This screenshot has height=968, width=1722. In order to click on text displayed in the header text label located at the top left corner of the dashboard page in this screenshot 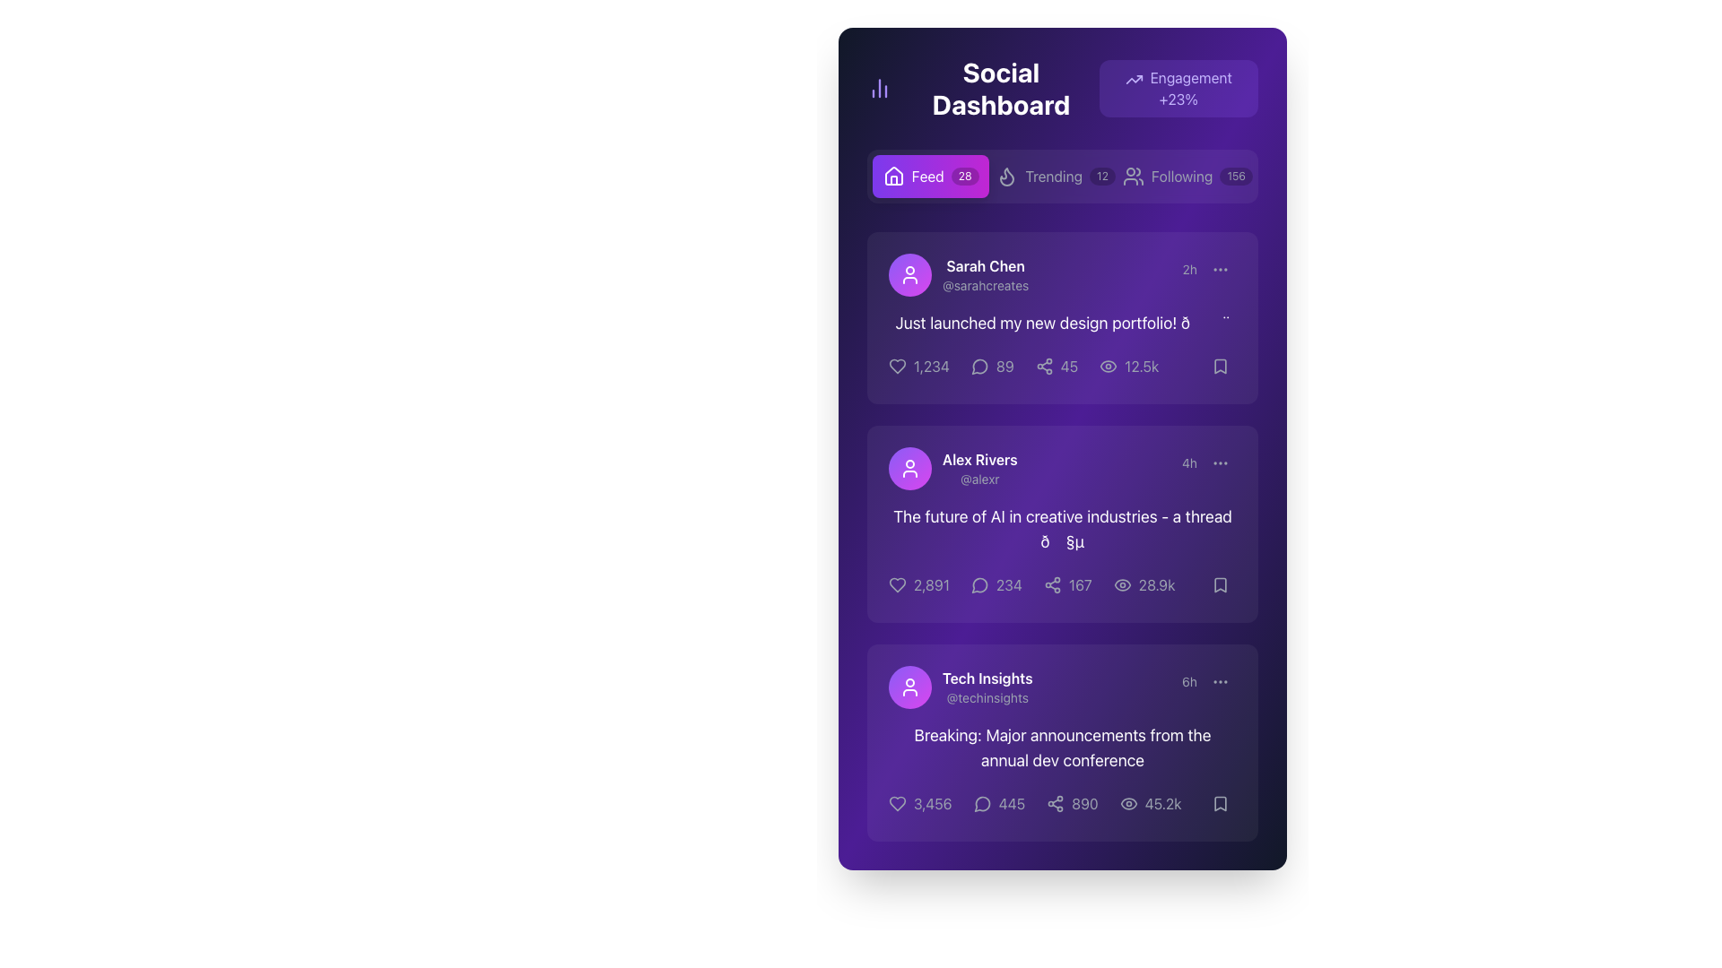, I will do `click(982, 89)`.